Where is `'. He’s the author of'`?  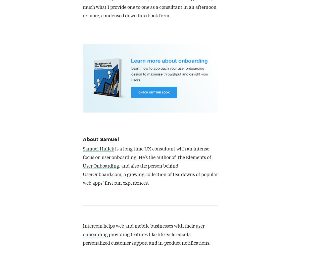
'. He’s the author of' is located at coordinates (156, 157).